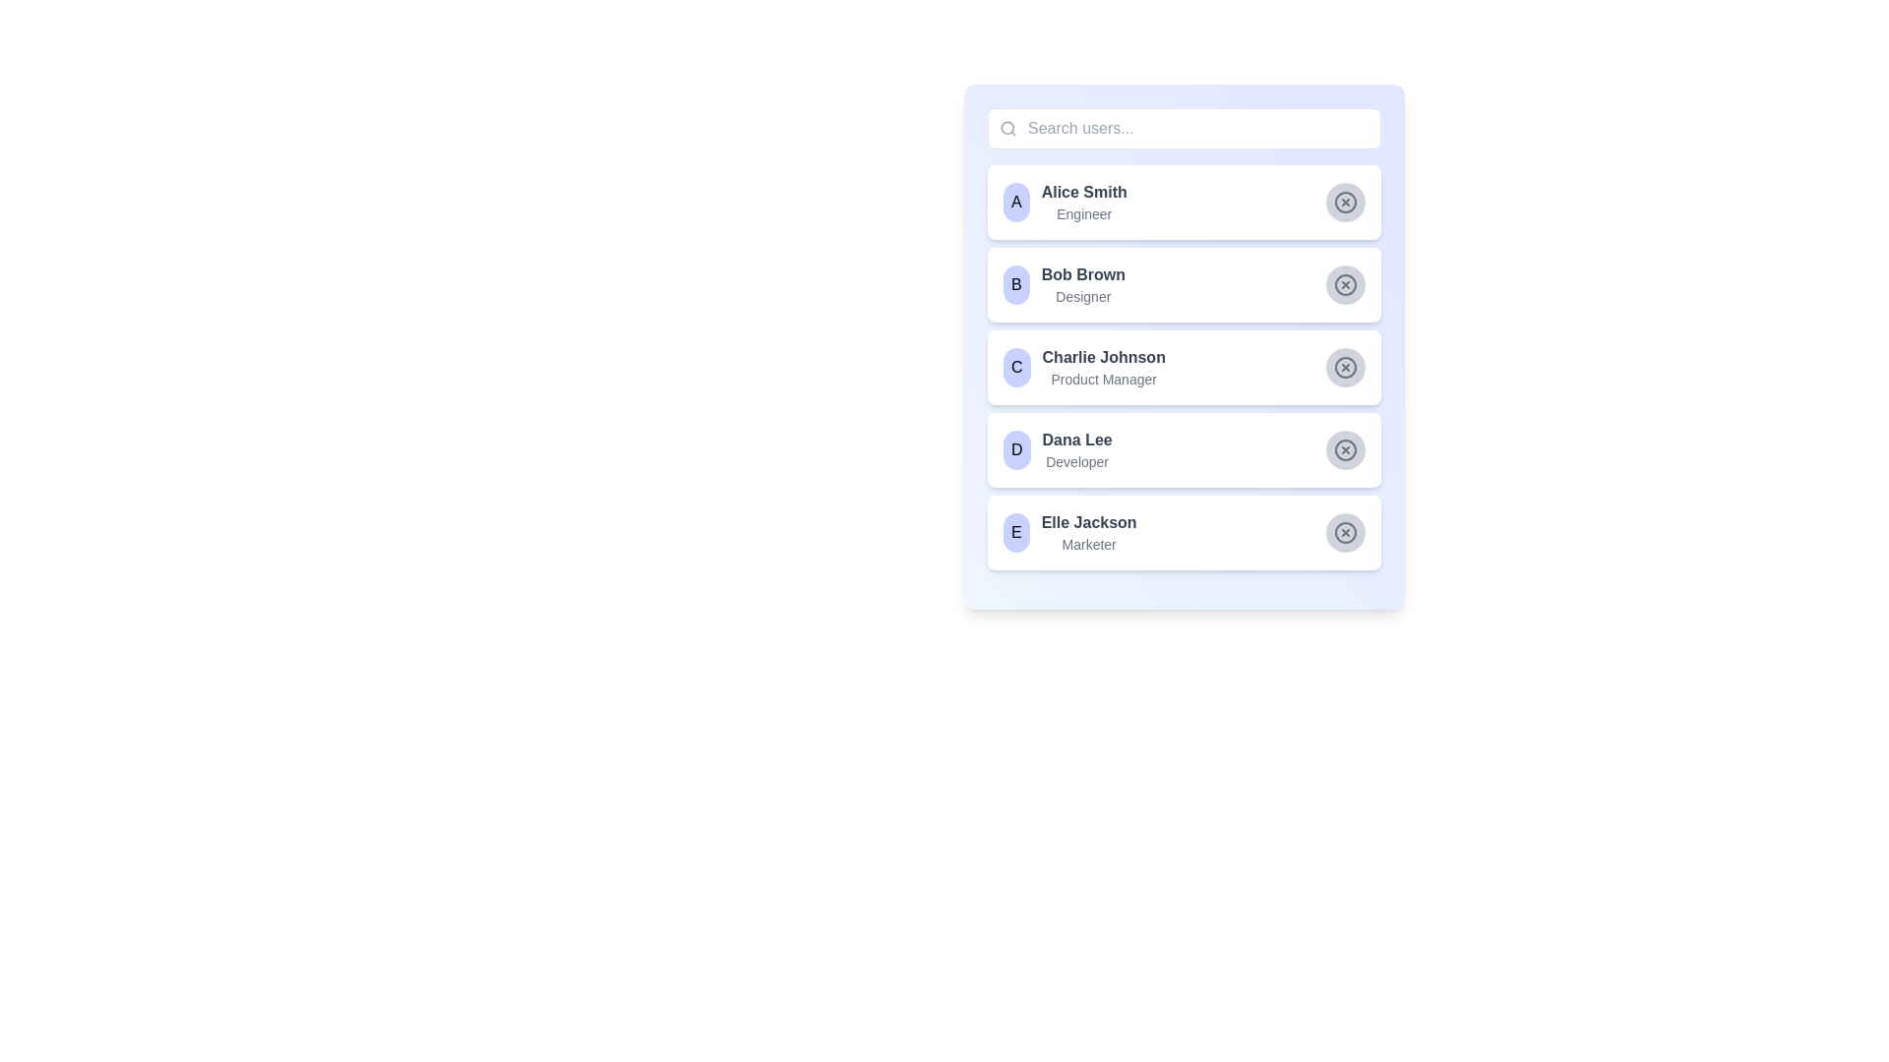  What do you see at coordinates (1082, 284) in the screenshot?
I see `the text display showing 'Bob Brown', the Designer` at bounding box center [1082, 284].